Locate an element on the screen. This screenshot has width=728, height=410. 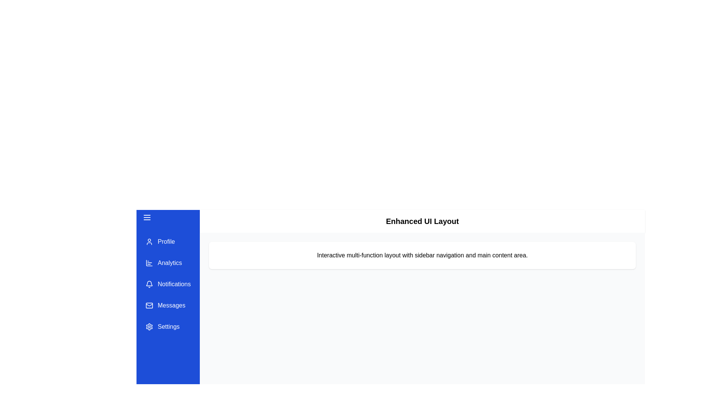
the gear-shaped settings icon located in the left sidebar, adjacent to the 'Settings' label is located at coordinates (149, 326).